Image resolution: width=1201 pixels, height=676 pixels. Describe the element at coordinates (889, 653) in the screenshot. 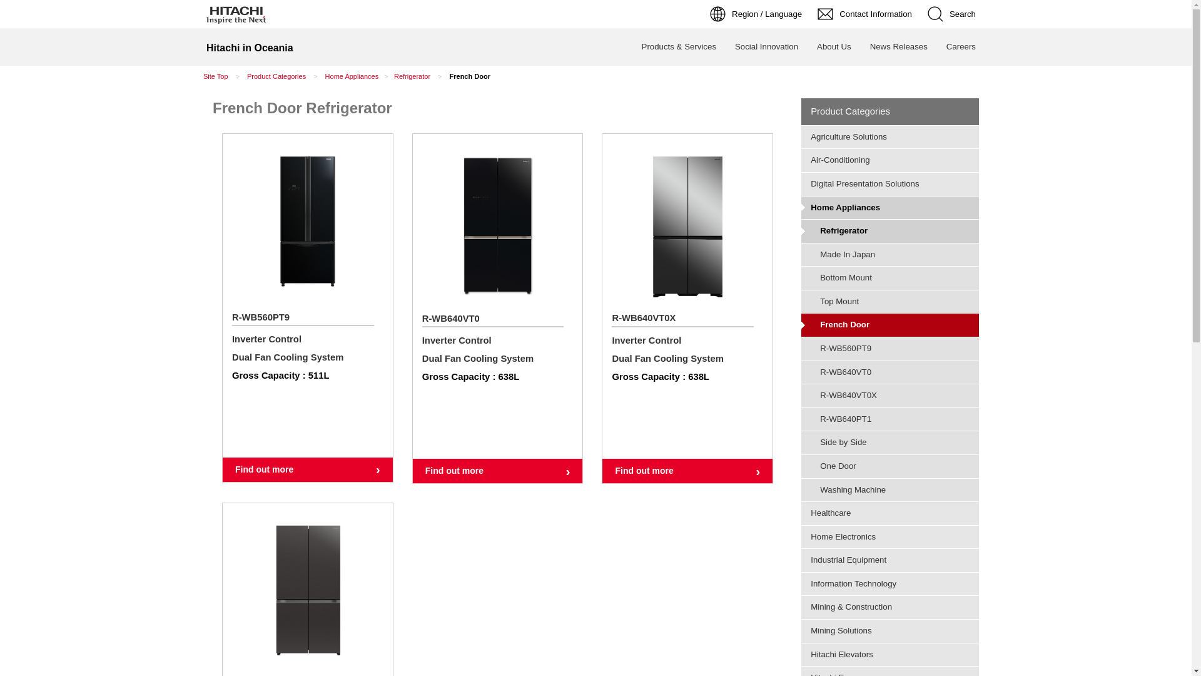

I see `'Hitachi Elevators'` at that location.